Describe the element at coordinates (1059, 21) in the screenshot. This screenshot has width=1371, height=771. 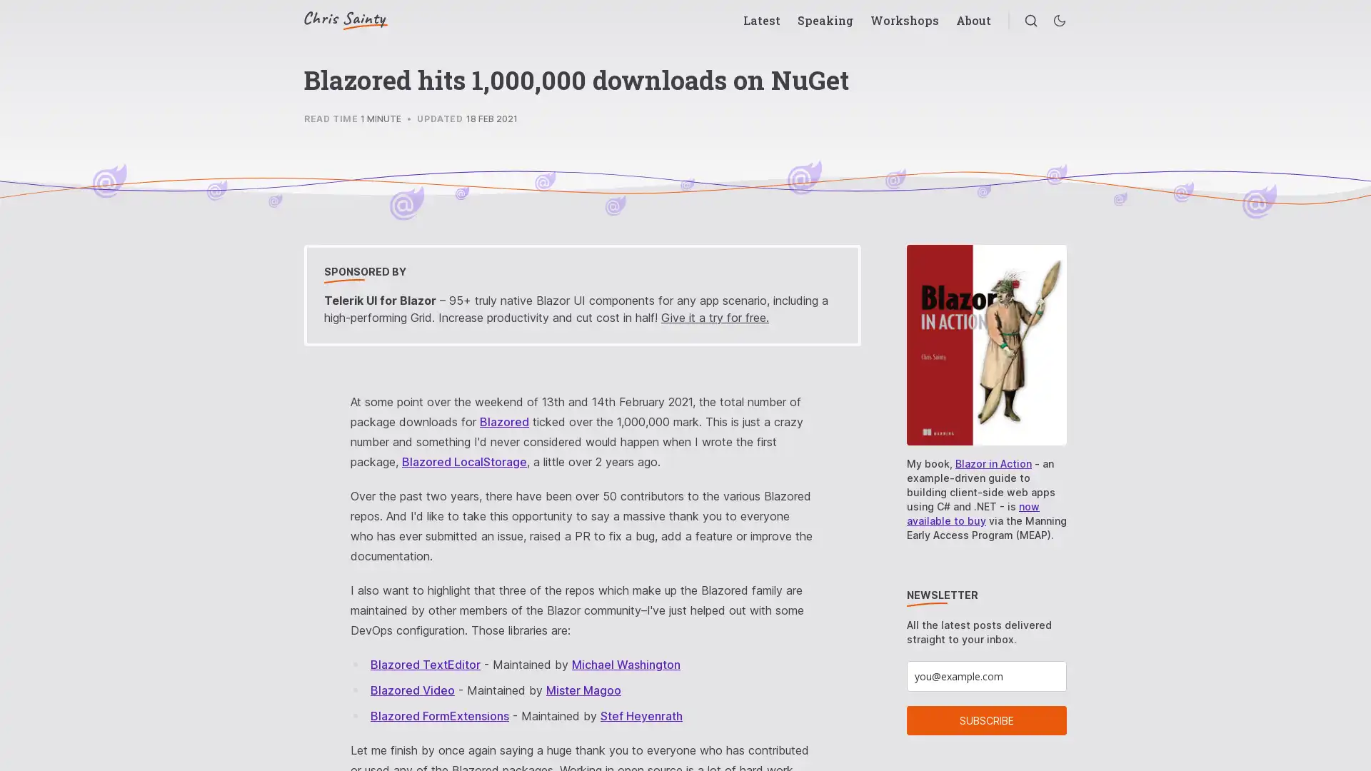
I see `Enable dark mode` at that location.